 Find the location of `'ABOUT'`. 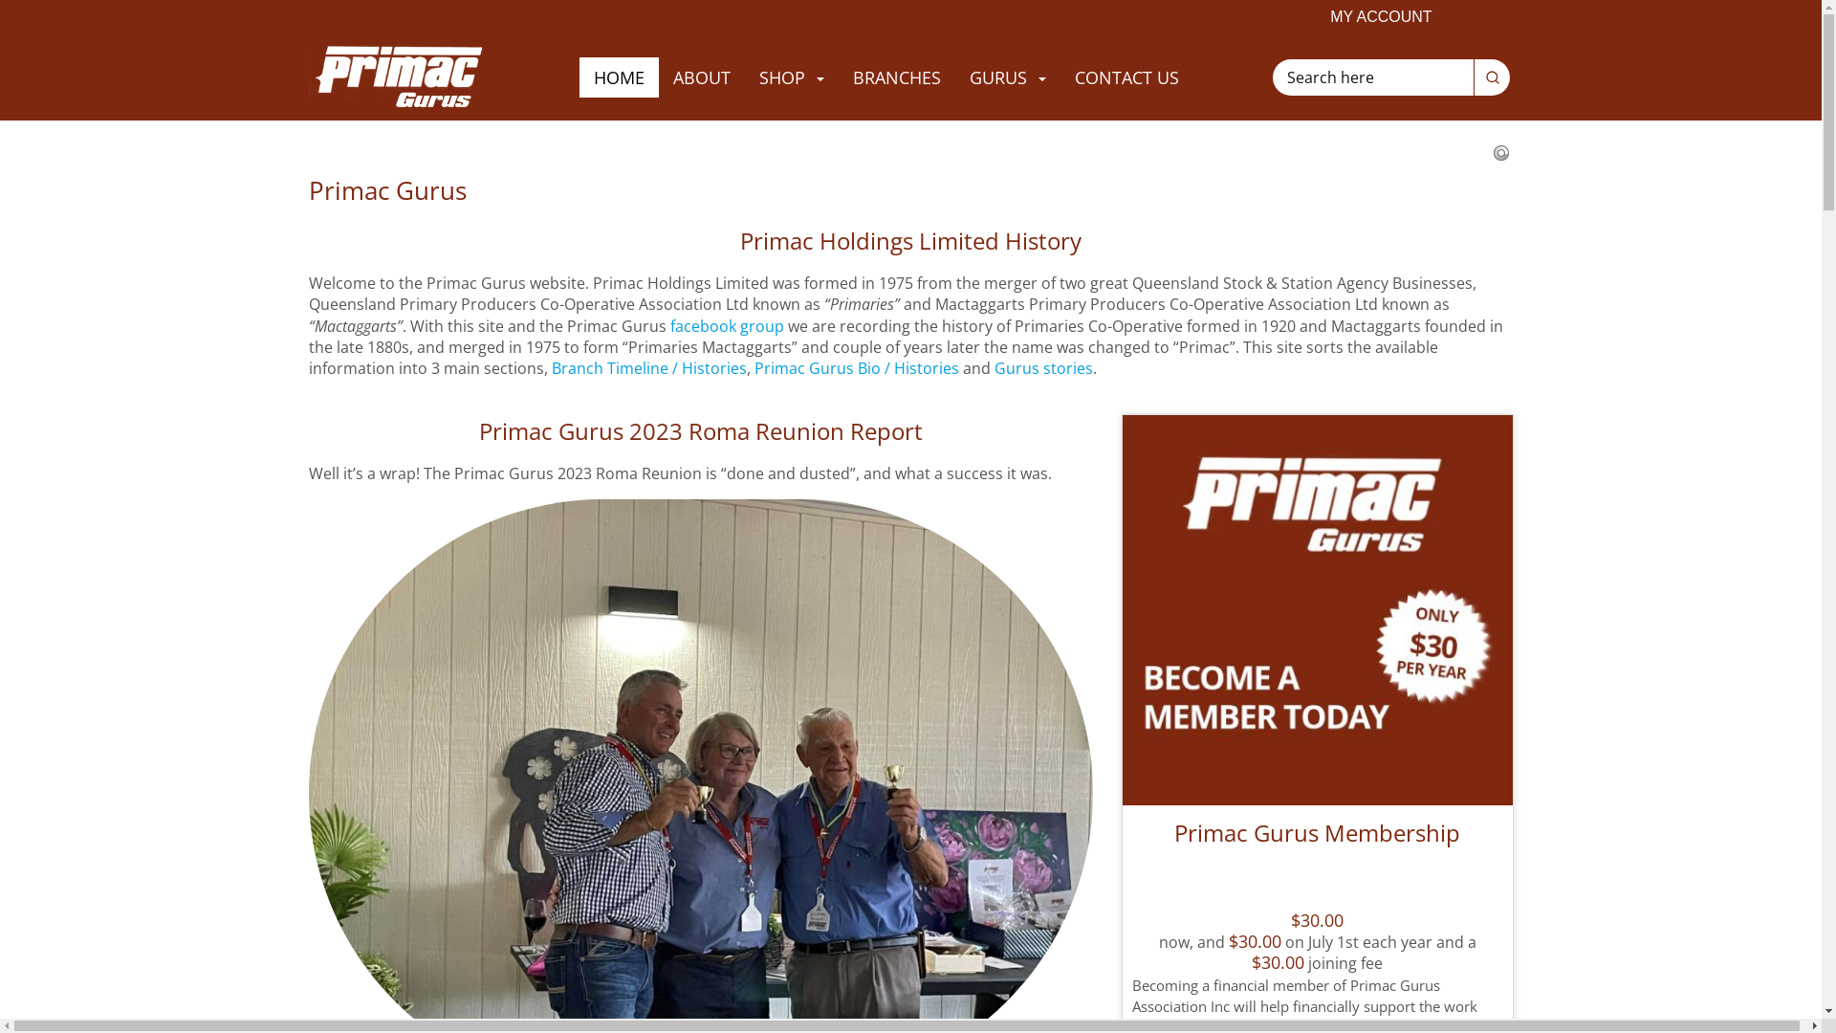

'ABOUT' is located at coordinates (701, 77).